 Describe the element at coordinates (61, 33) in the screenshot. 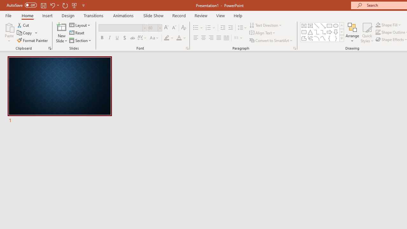

I see `'New Slide'` at that location.